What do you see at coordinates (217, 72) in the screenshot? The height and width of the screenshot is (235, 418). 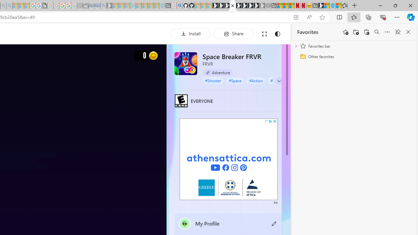 I see `'Adventure'` at bounding box center [217, 72].